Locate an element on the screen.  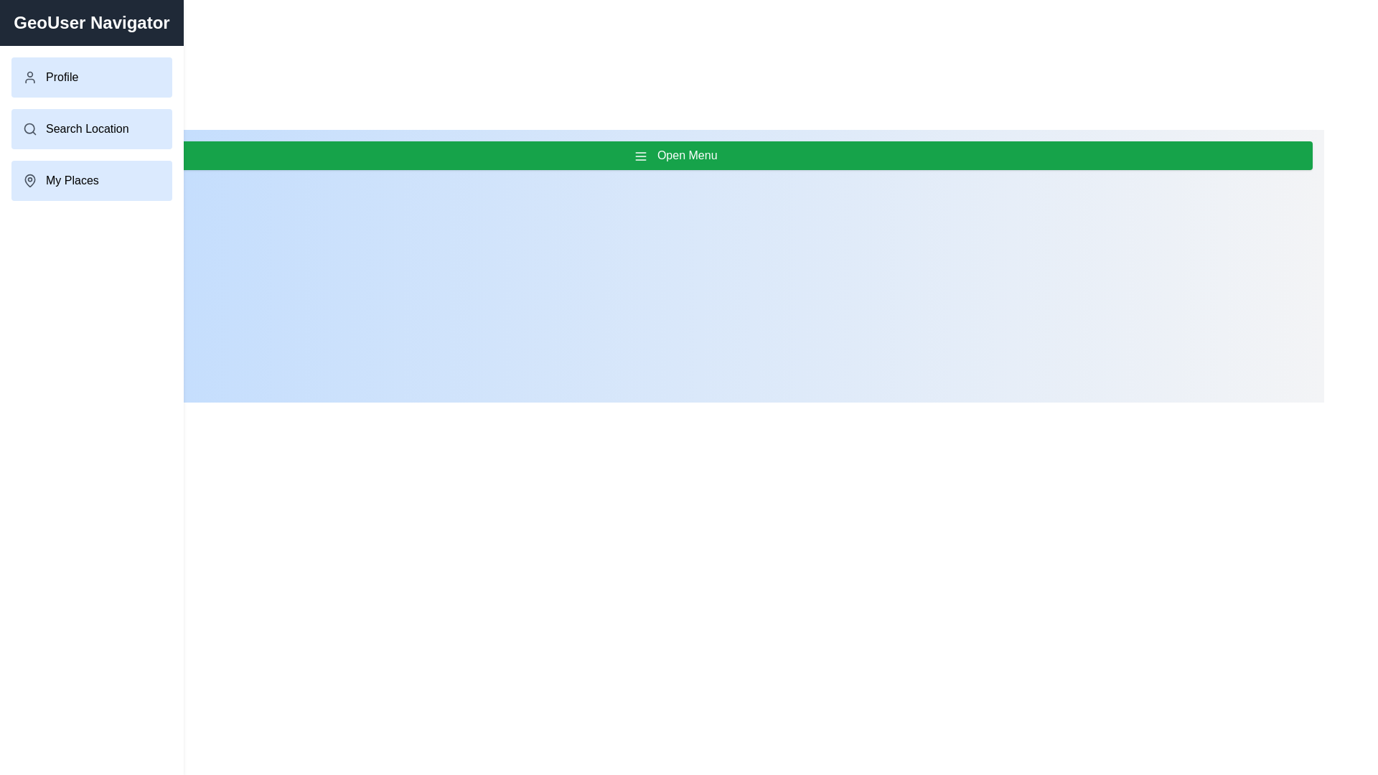
the 'Open Menu' button to toggle the drawer menu is located at coordinates (675, 155).